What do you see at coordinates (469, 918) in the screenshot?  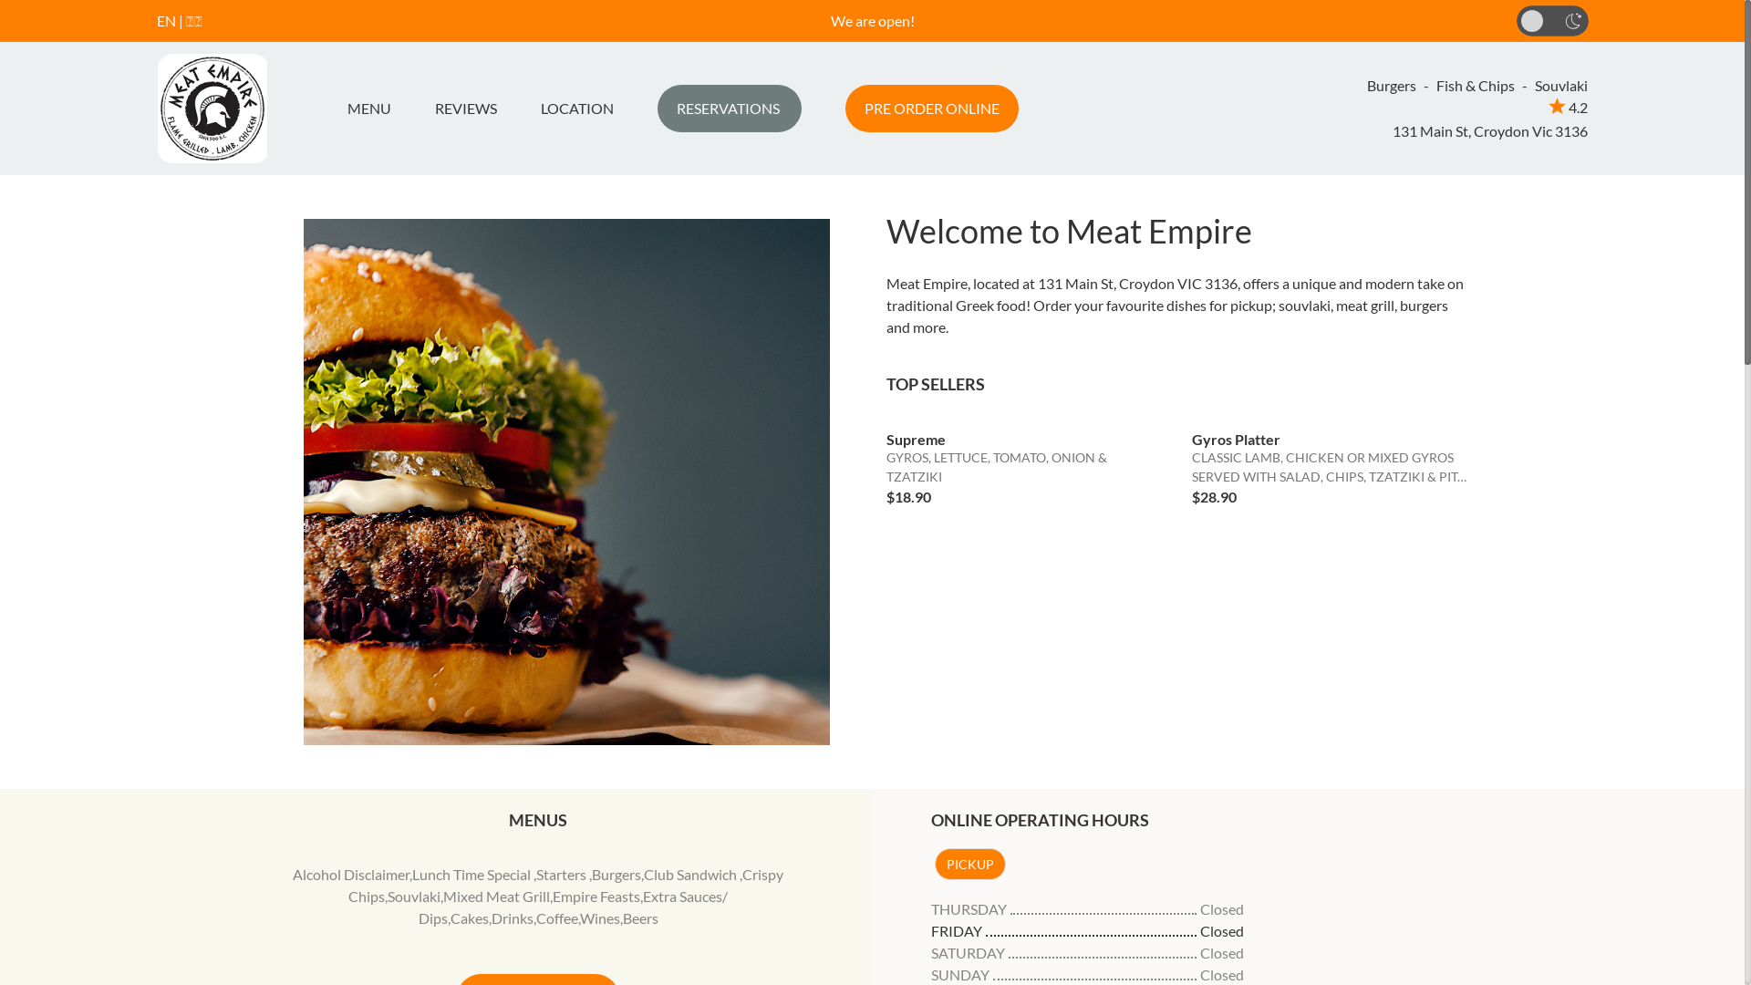 I see `'Cakes'` at bounding box center [469, 918].